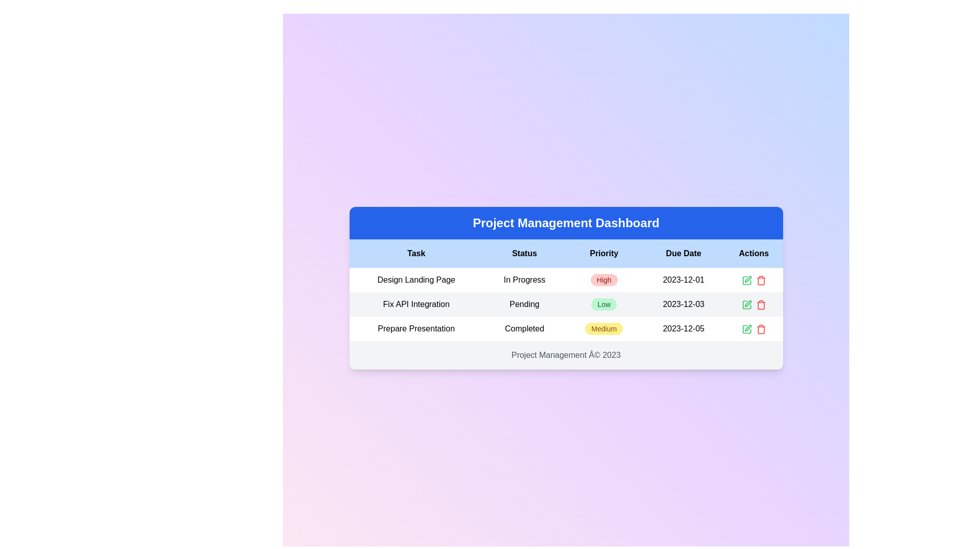 This screenshot has height=549, width=977. What do you see at coordinates (604, 329) in the screenshot?
I see `the rounded badge with a yellow background and the text 'Medium' in brownish font located in the 'Priority' column of the task 'Prepare Presentation'` at bounding box center [604, 329].